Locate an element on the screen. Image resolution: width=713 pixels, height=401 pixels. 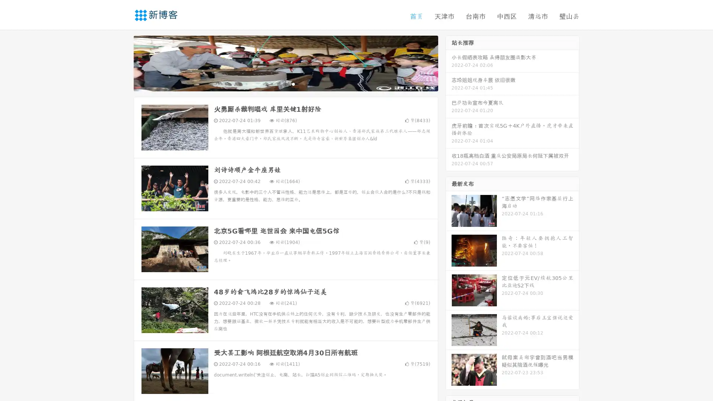
Go to slide 2 is located at coordinates (285, 84).